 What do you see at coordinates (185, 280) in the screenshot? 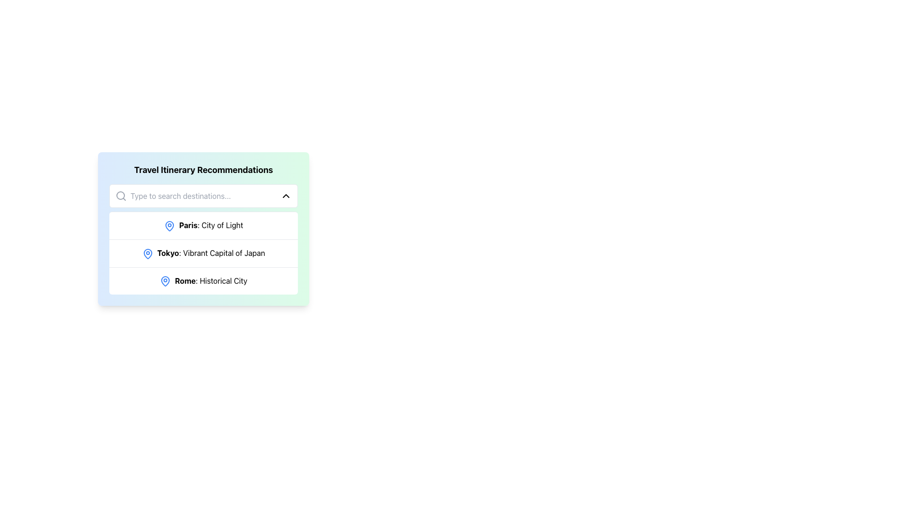
I see `the bolded text label for 'Rome: Historical City' in the third row of the 'Travel Itinerary Recommendations' list` at bounding box center [185, 280].